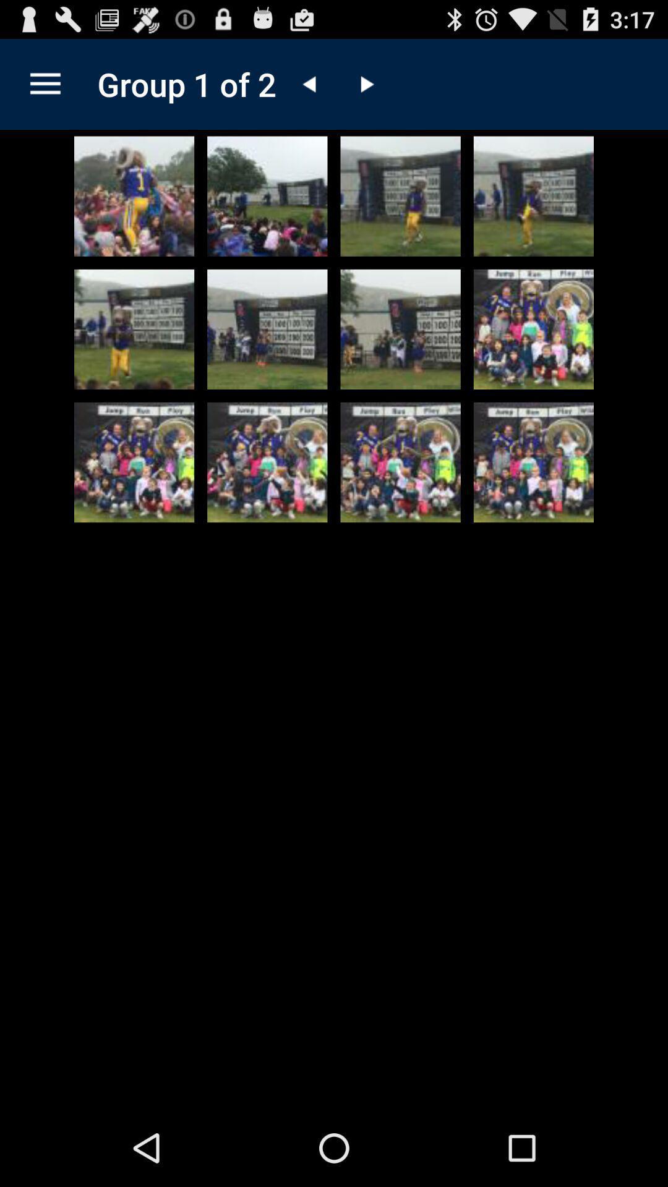 This screenshot has height=1187, width=668. I want to click on picture, so click(134, 462).